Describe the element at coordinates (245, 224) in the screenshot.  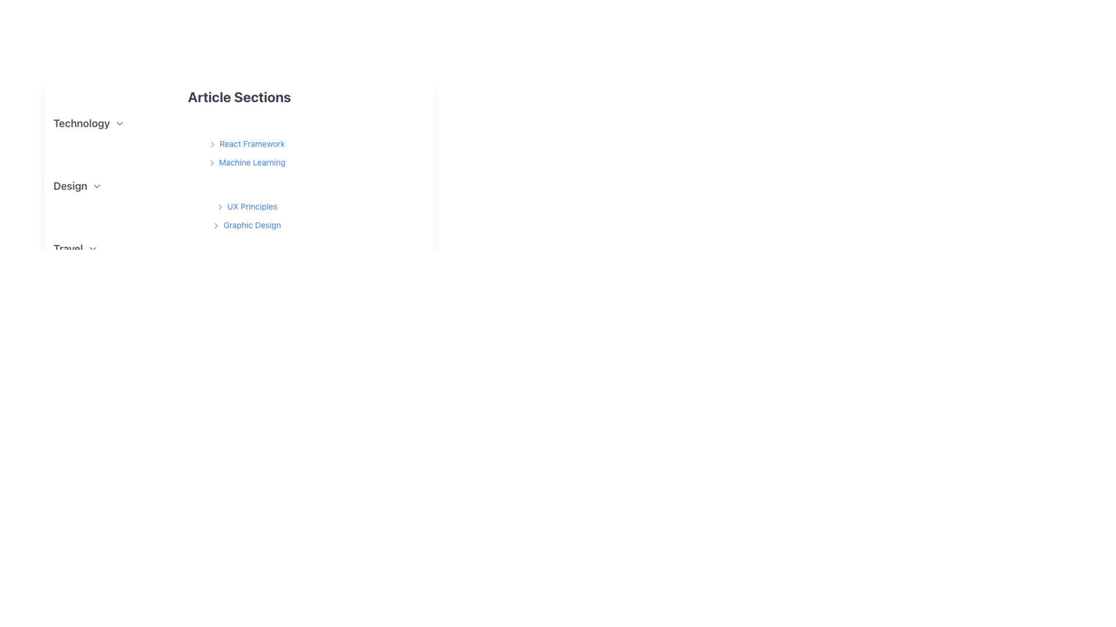
I see `the second hyperlink under the 'Design' category, which navigates to the 'Graphic Design' section, to indicate focus` at that location.